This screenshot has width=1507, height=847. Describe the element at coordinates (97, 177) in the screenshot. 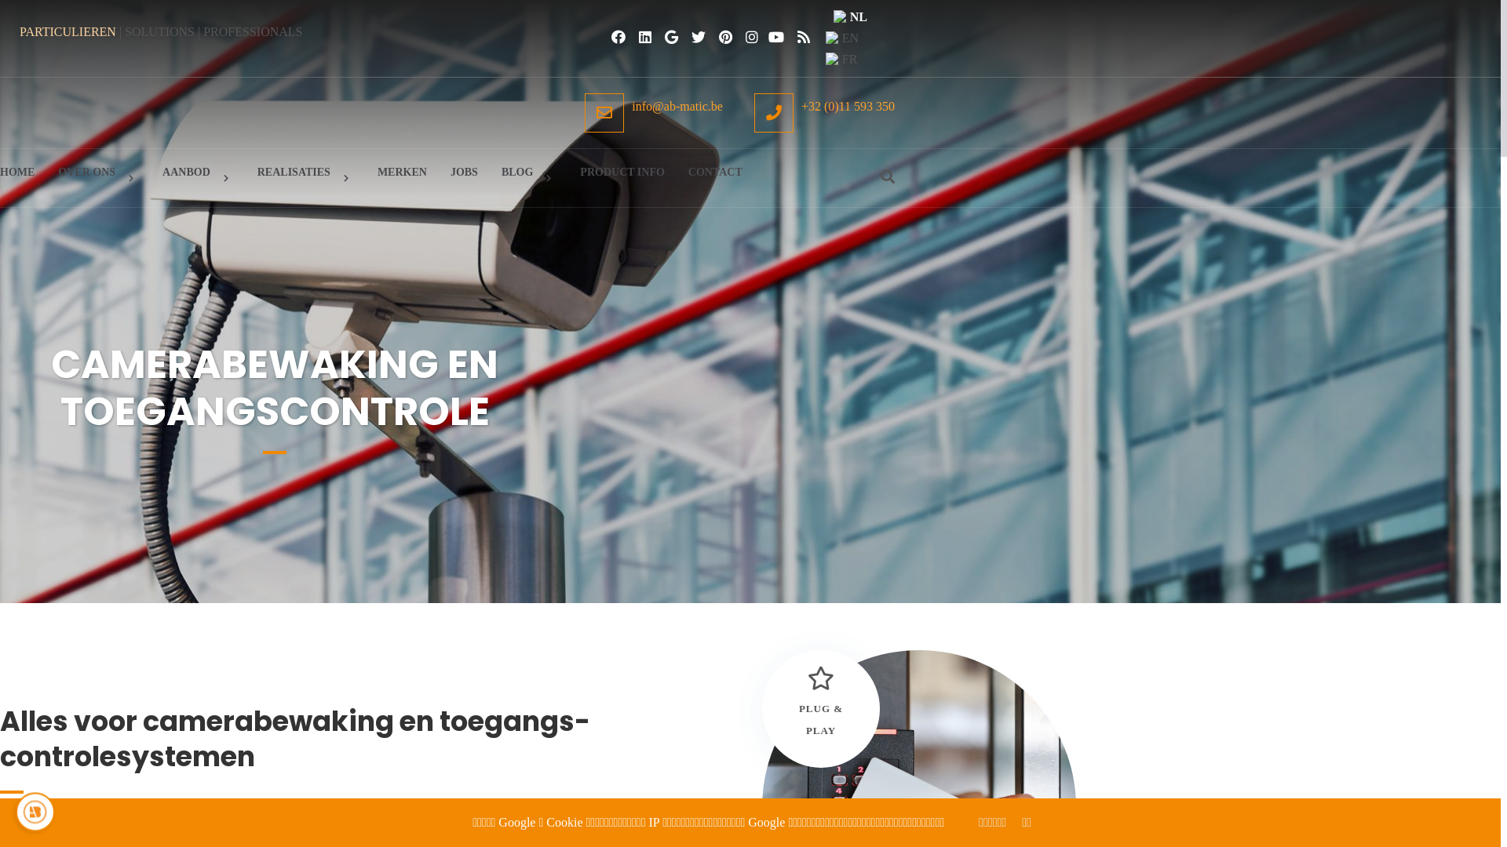

I see `'OVER ONS'` at that location.